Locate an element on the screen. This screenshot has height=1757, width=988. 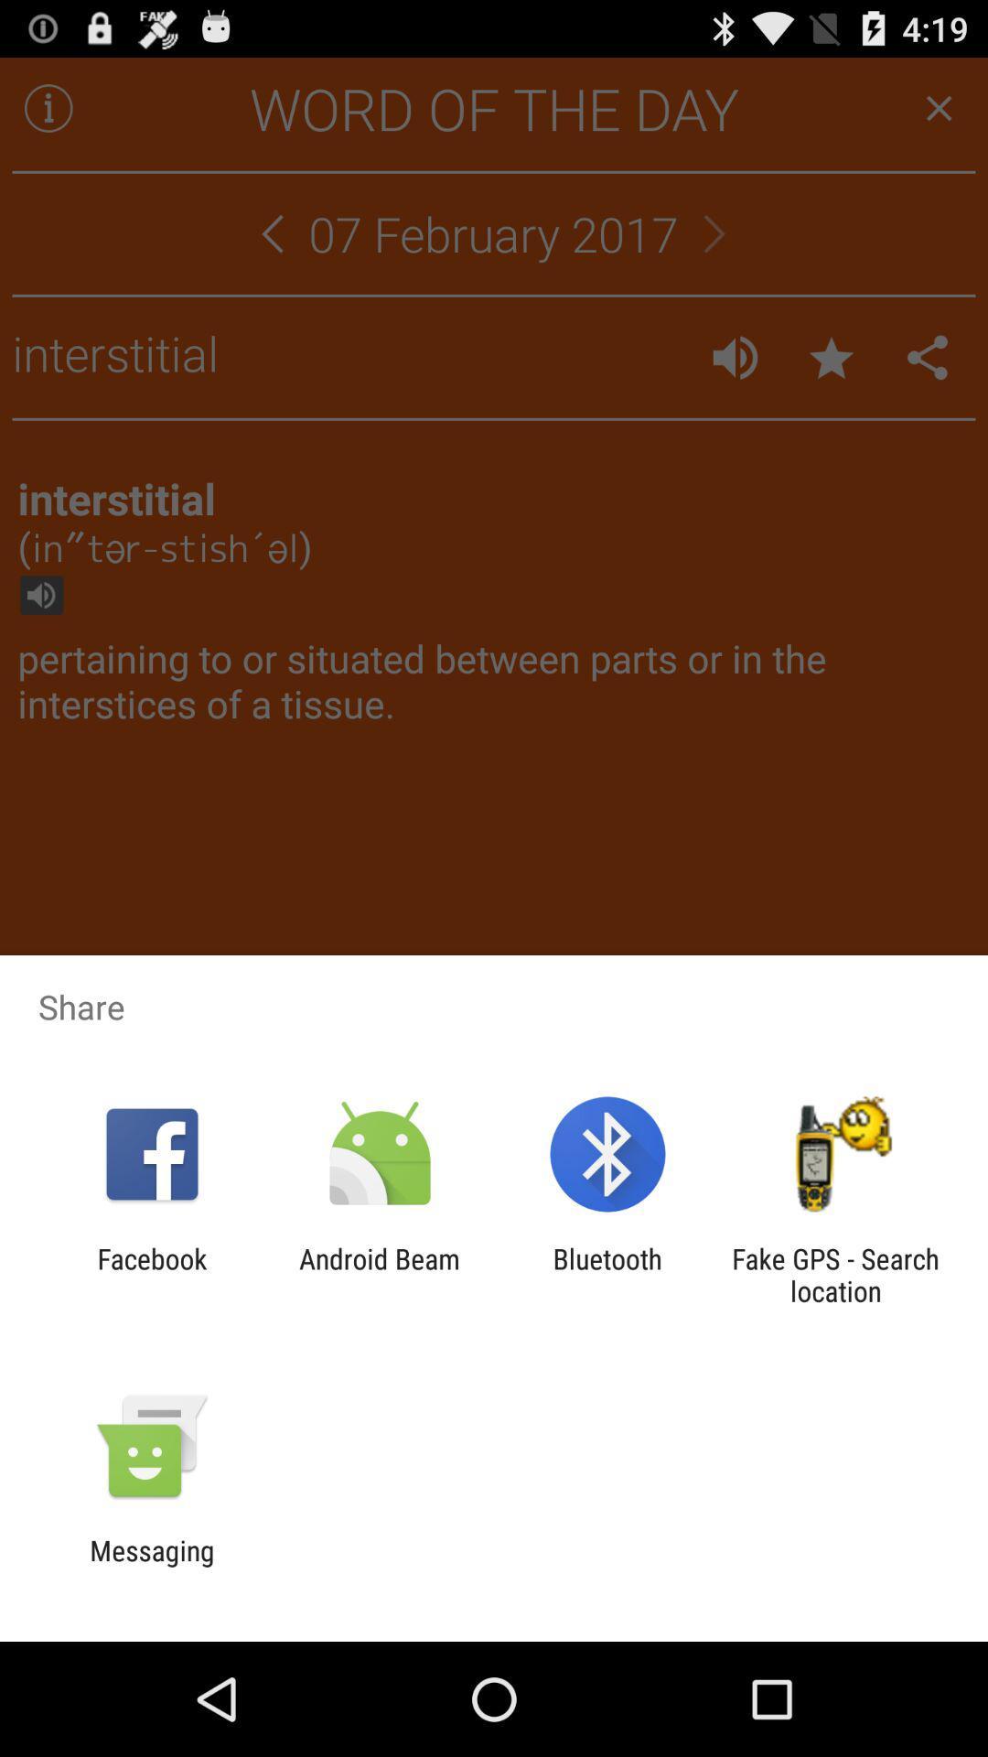
app to the right of the bluetooth app is located at coordinates (835, 1274).